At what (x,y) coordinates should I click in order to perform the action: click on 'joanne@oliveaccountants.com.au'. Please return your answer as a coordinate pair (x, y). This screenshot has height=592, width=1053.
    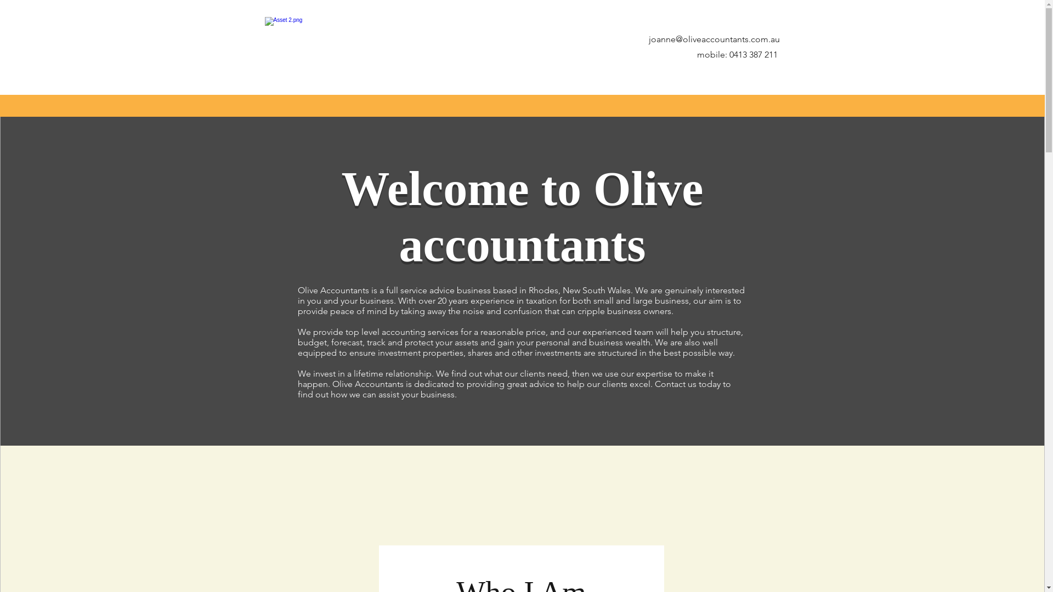
    Looking at the image, I should click on (714, 38).